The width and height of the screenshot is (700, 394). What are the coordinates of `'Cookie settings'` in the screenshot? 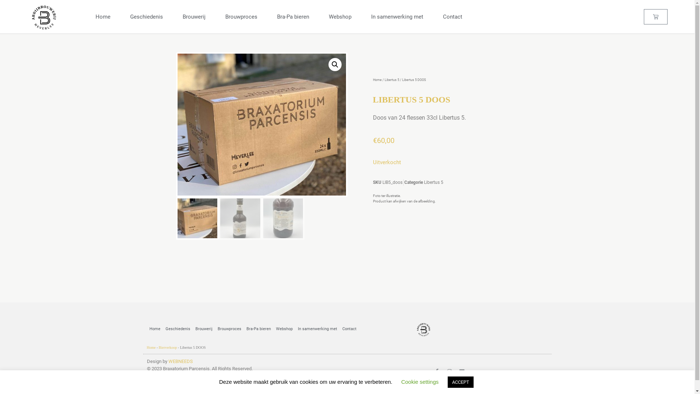 It's located at (420, 381).